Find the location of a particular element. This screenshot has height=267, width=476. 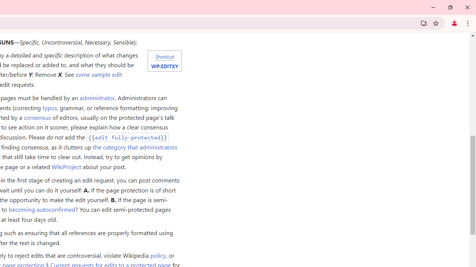

'You' is located at coordinates (454, 23).